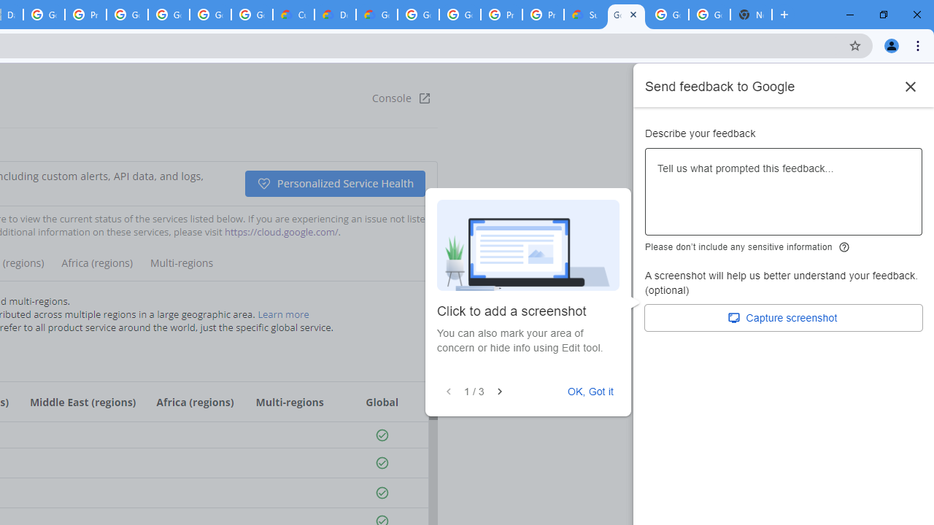 This screenshot has height=525, width=934. Describe the element at coordinates (584, 15) in the screenshot. I see `'Support Hub | Google Cloud'` at that location.